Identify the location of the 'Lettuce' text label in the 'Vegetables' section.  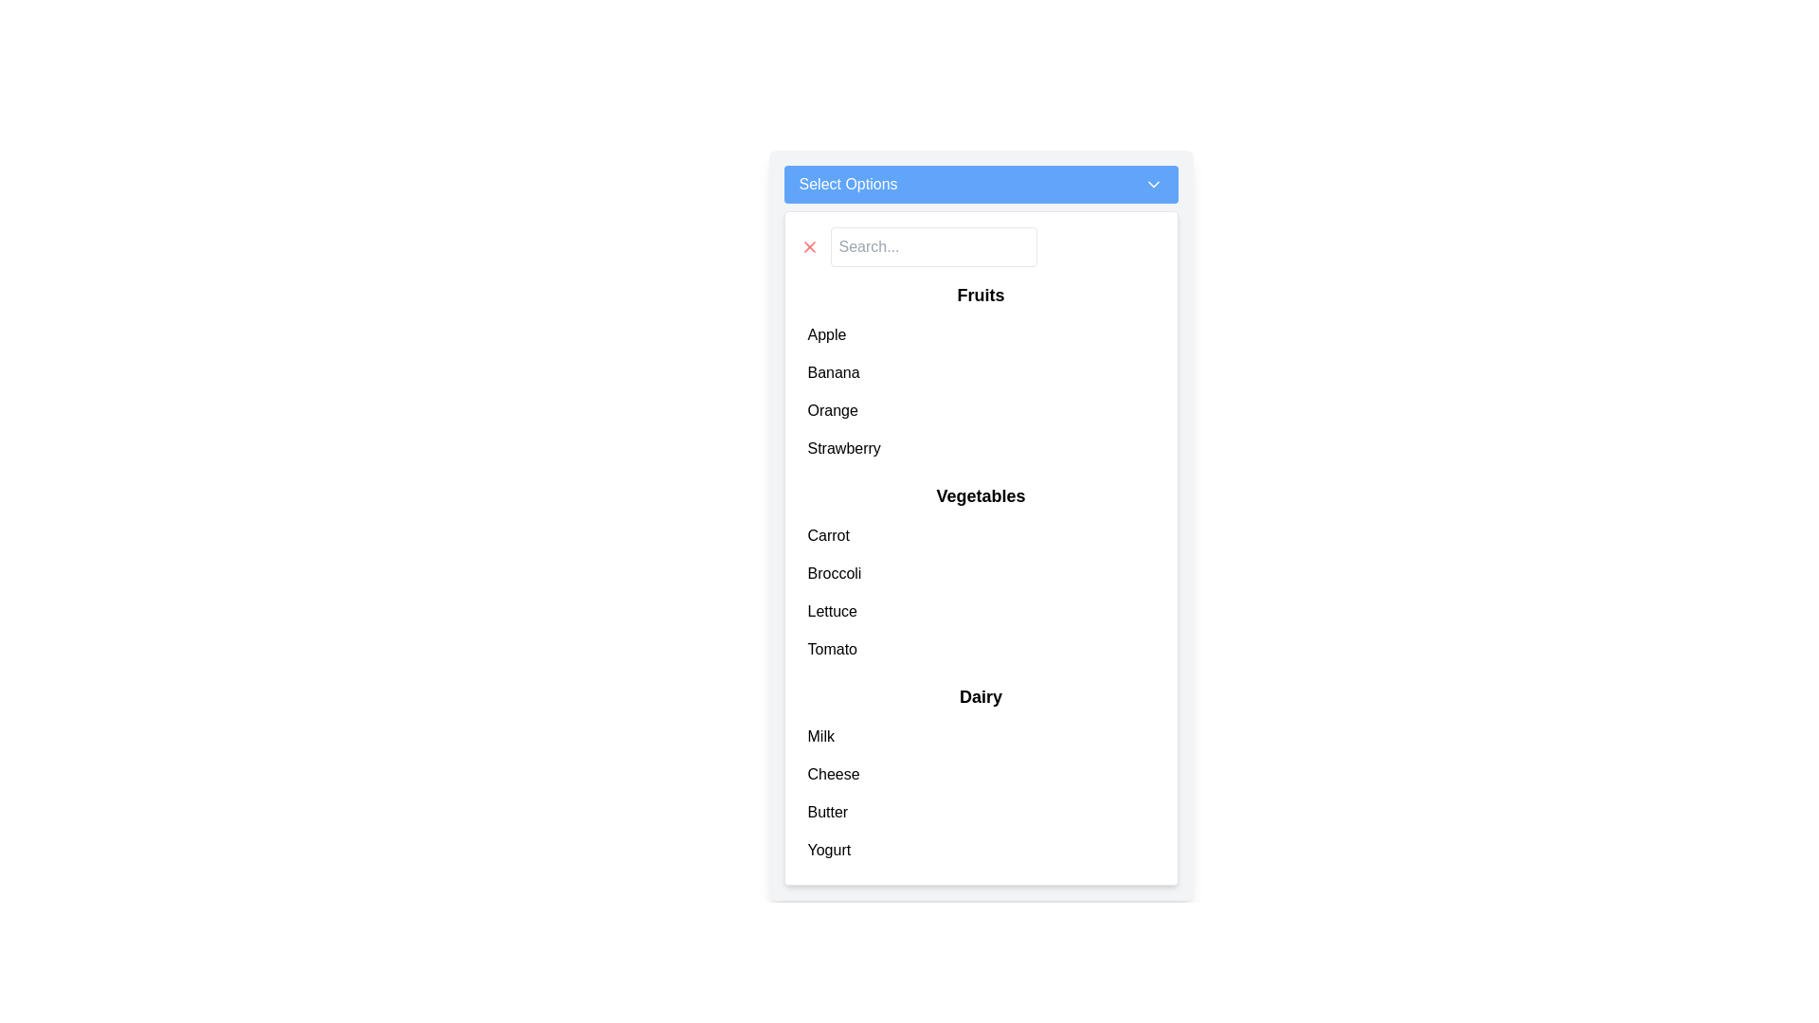
(832, 611).